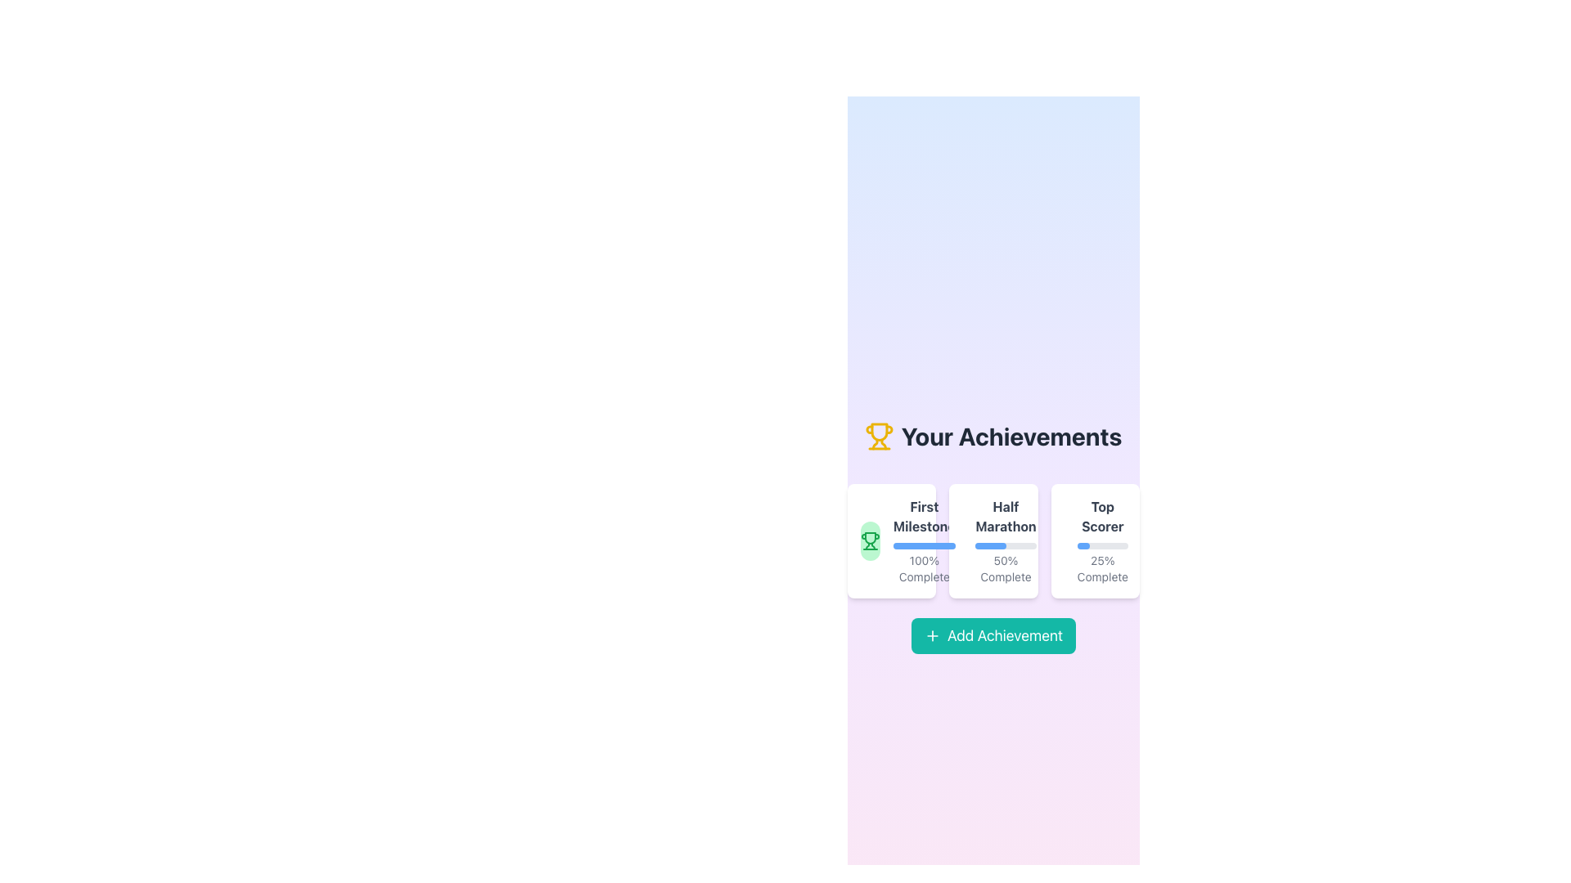  I want to click on the static text indicating the progress status for the 'Half Marathon', which is positioned beneath the blue progress bar and centered within the 'Half Marathon' card, so click(1005, 567).